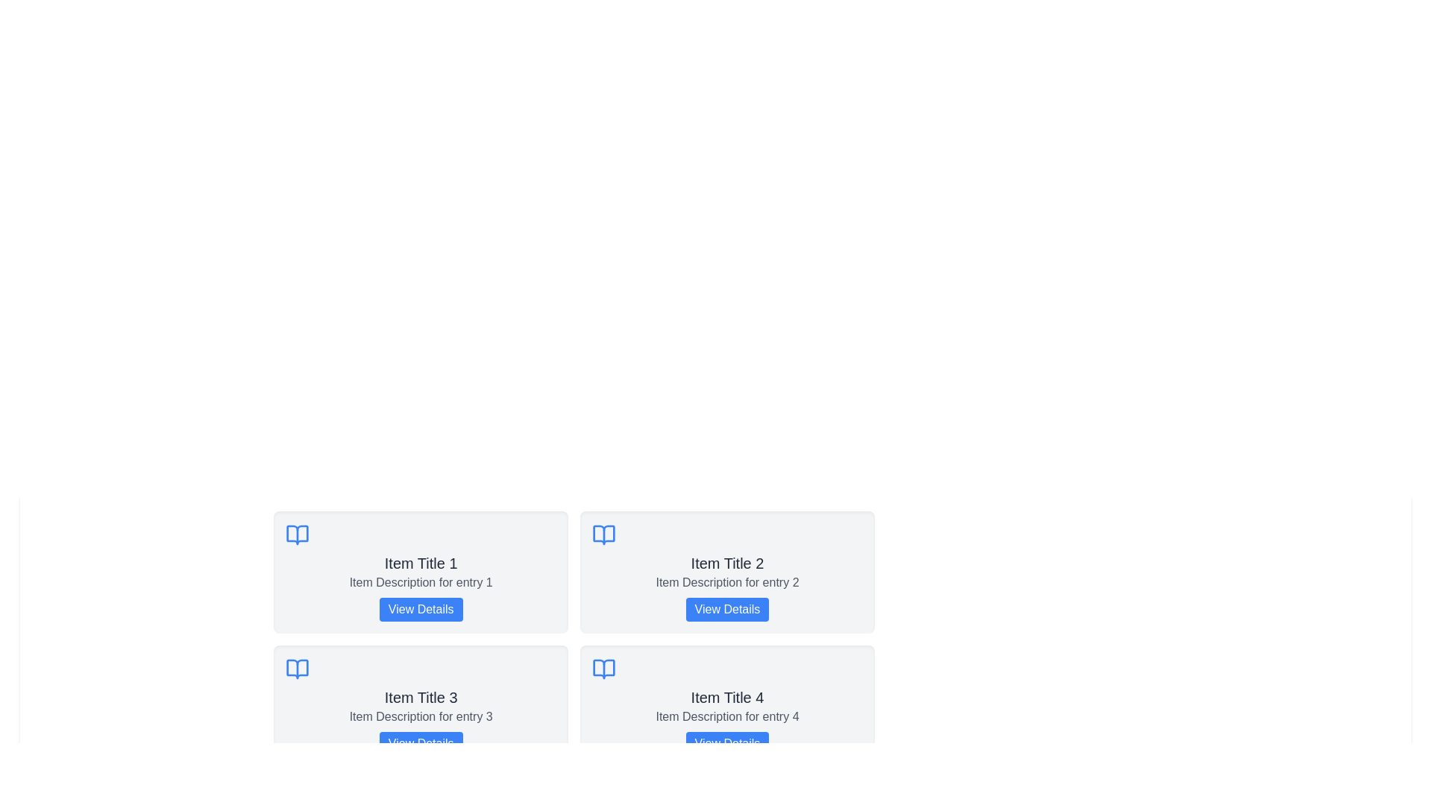 The height and width of the screenshot is (805, 1432). Describe the element at coordinates (420, 716) in the screenshot. I see `the text label that reads 'Item Description for entry 3', which is displayed on a light gray background beneath the title 'Item Title 3'` at that location.